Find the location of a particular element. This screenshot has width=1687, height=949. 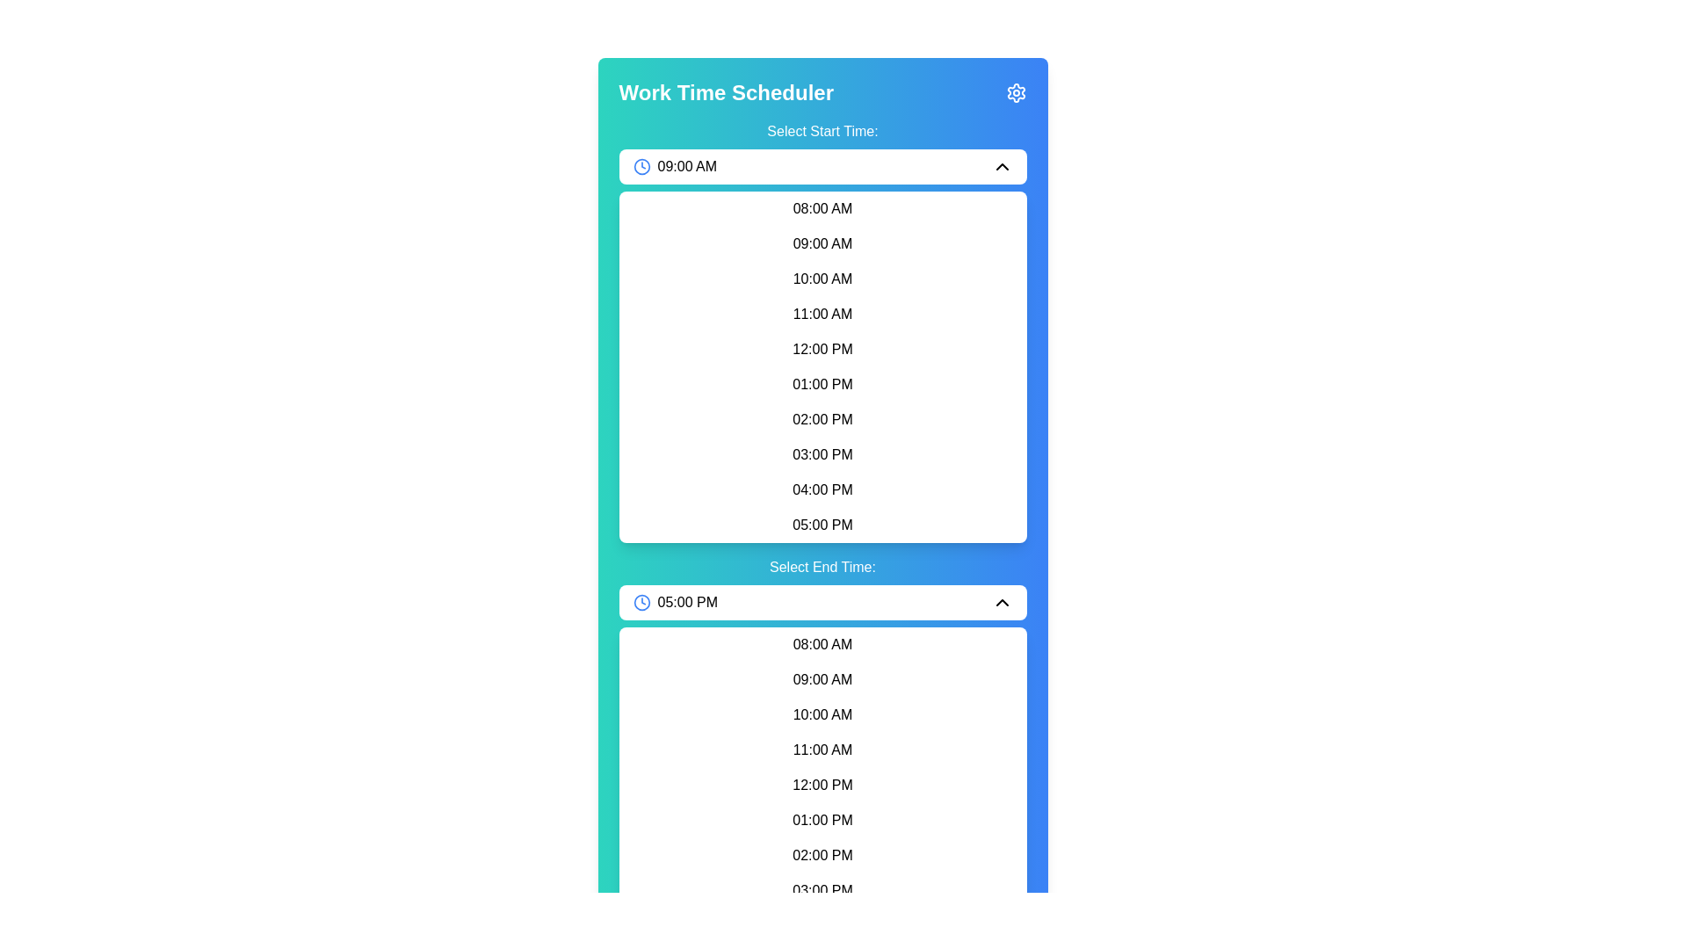

the 'Select Start Time' text with icon that displays the currently selected time, located at the top of the 'Work Time Scheduler' section is located at coordinates (674, 166).